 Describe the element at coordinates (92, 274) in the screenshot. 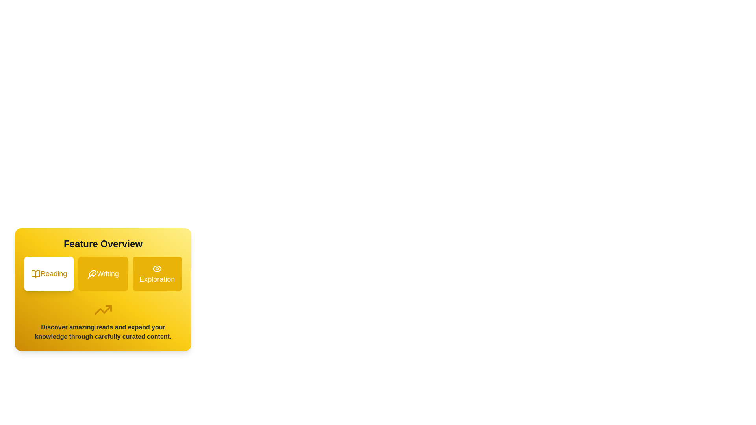

I see `the stylized feather icon with a slim outline, rendered in white against an orange background` at that location.